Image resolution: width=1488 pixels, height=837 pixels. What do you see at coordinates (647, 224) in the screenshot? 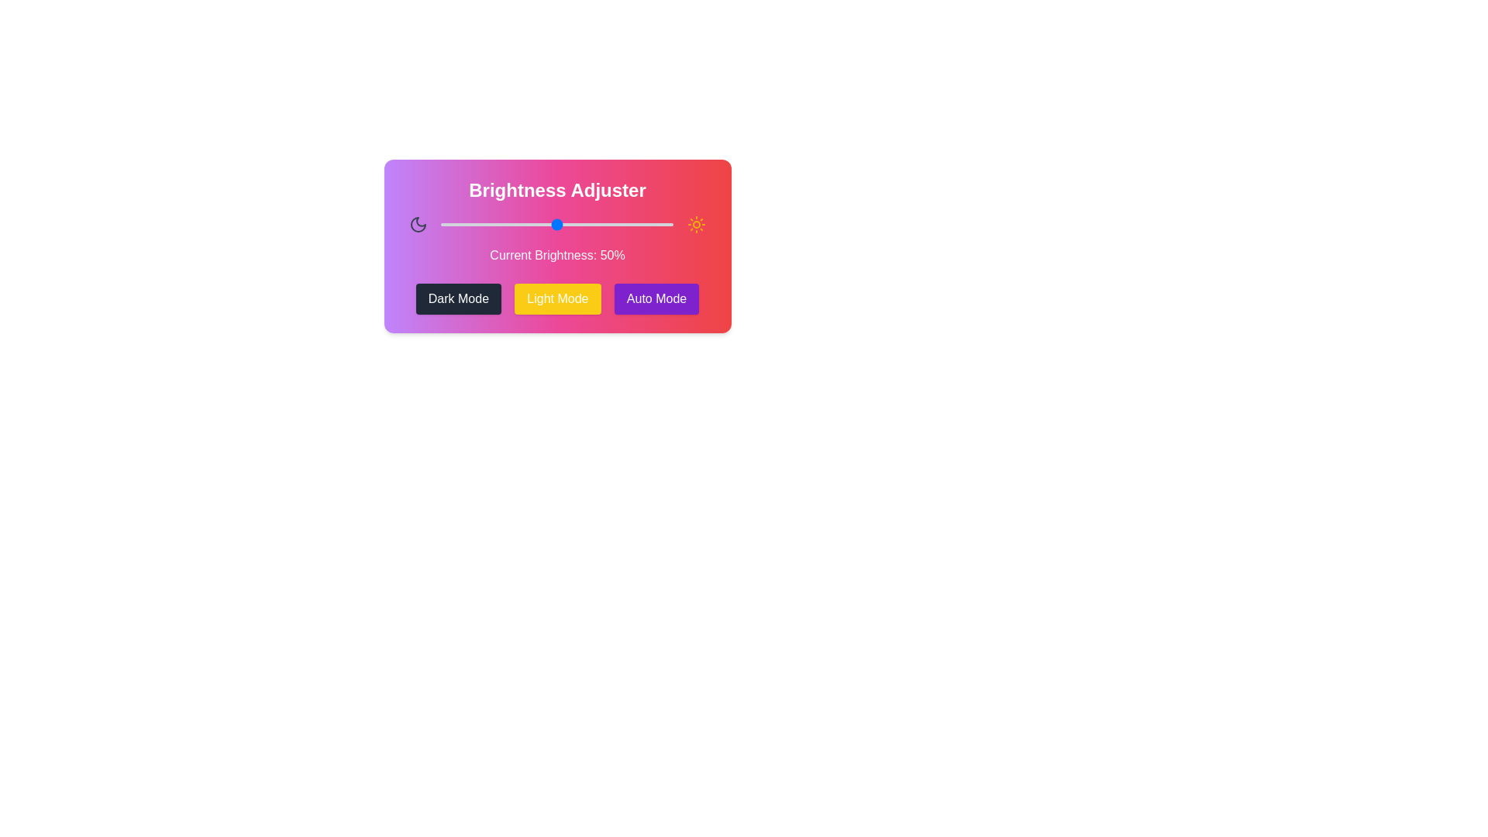
I see `the brightness slider to 89% to observe changes in the background gradient` at bounding box center [647, 224].